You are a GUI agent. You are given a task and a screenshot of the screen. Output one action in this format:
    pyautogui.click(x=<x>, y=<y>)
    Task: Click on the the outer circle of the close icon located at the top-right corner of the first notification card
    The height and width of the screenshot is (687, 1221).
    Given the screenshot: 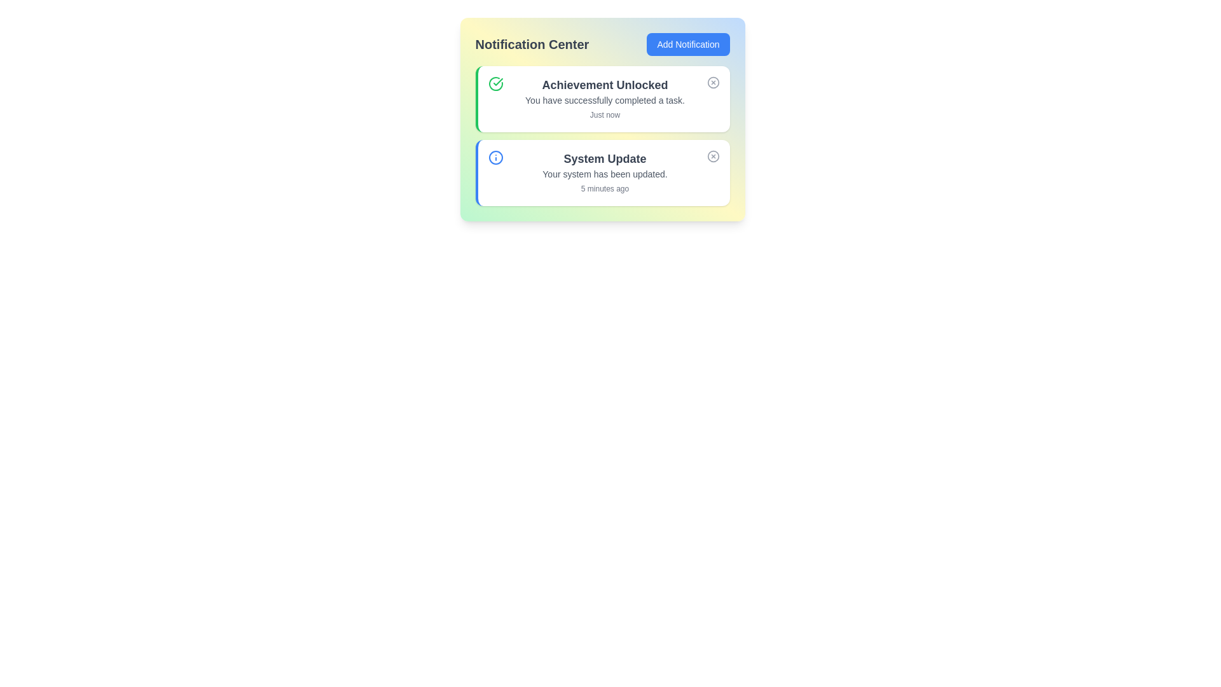 What is the action you would take?
    pyautogui.click(x=713, y=83)
    